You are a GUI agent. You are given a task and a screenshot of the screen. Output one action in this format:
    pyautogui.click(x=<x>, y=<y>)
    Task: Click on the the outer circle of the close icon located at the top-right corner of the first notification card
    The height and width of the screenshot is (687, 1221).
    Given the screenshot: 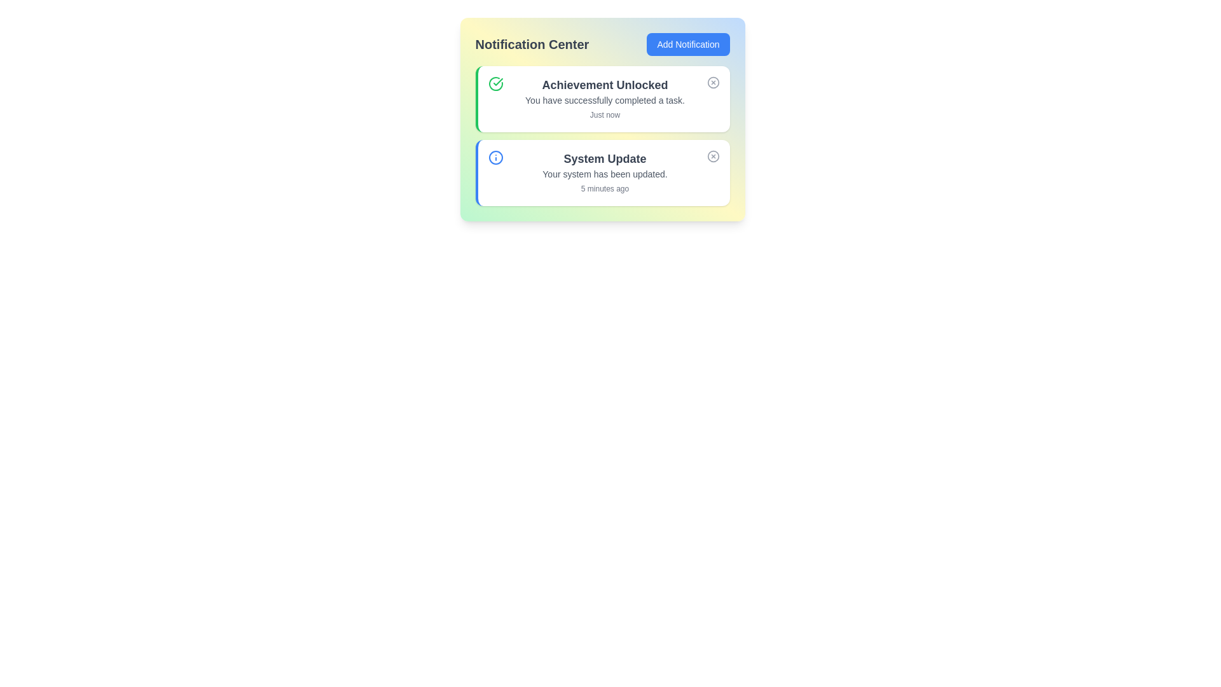 What is the action you would take?
    pyautogui.click(x=713, y=83)
    